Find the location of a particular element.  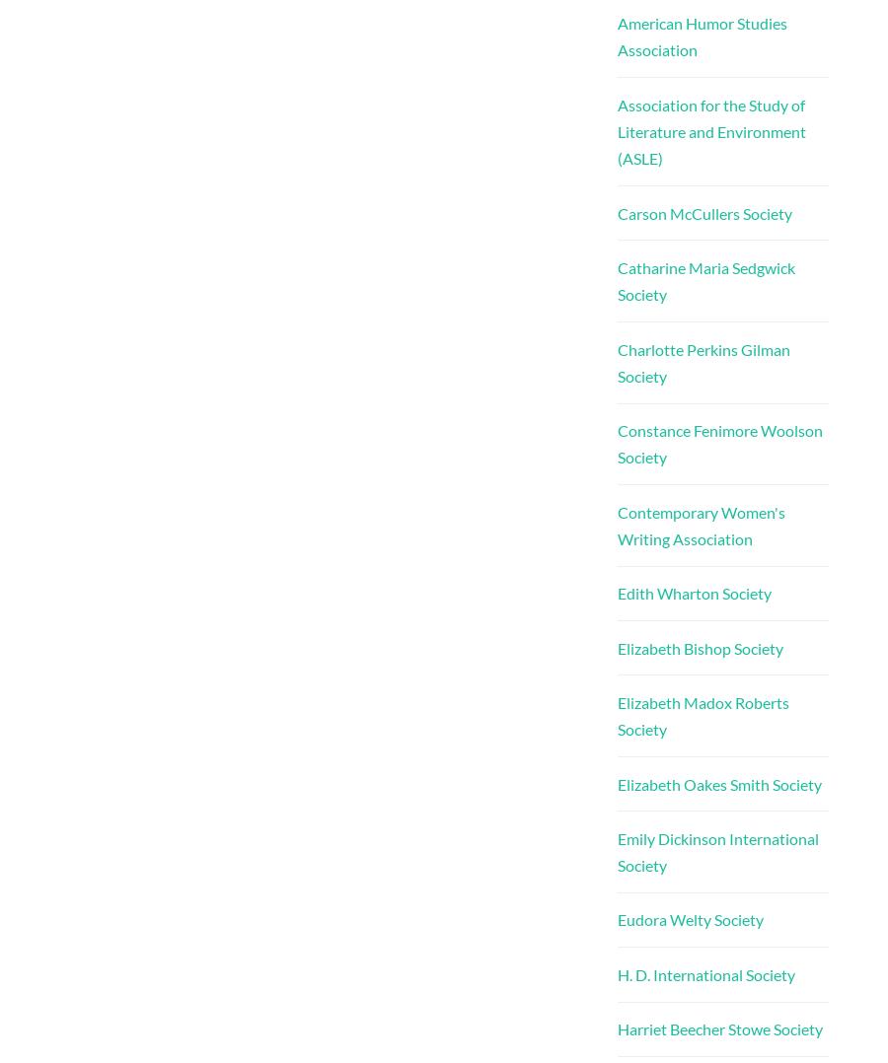

'Carson McCullers Society' is located at coordinates (703, 212).